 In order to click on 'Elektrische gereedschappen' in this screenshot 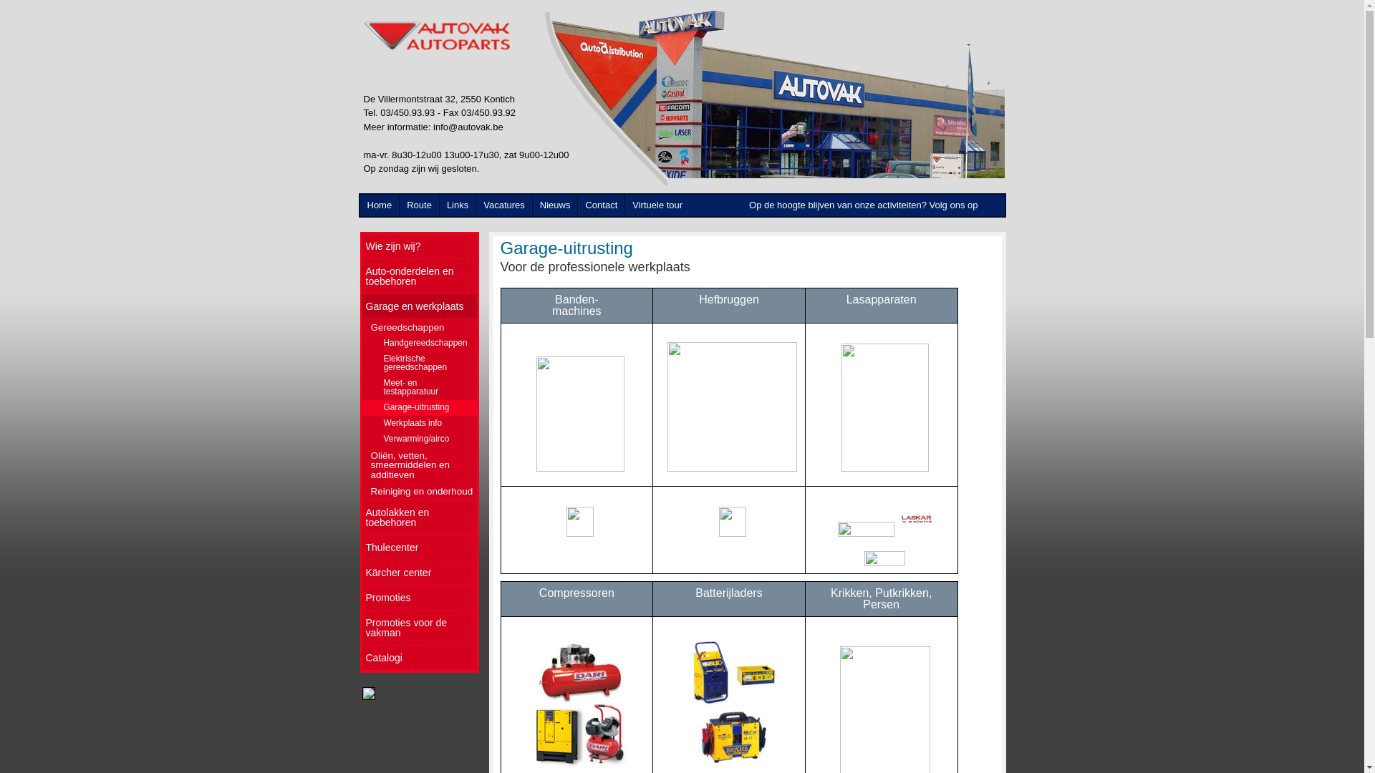, I will do `click(418, 363)`.